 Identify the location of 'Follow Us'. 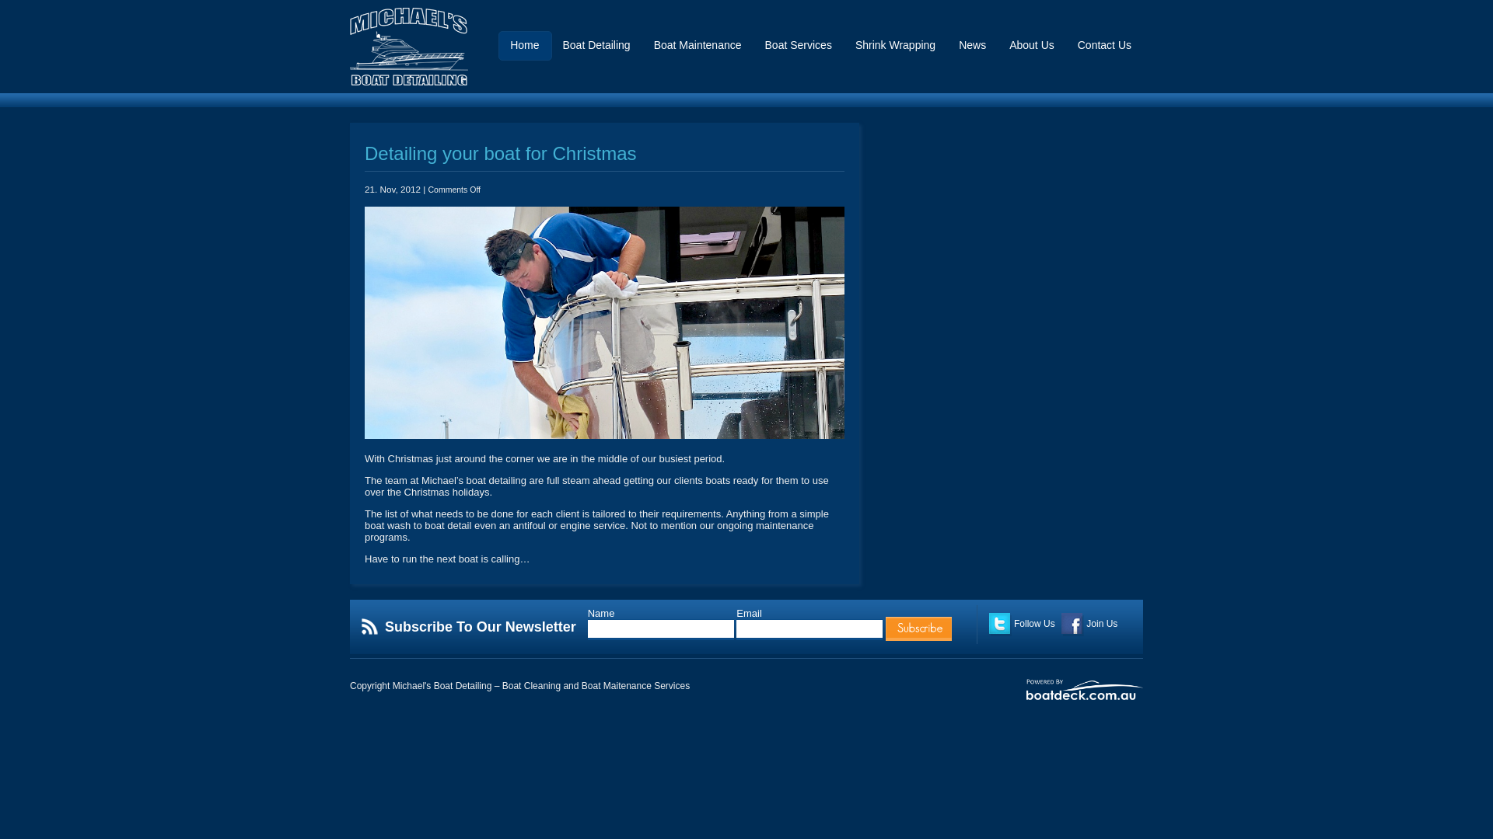
(988, 622).